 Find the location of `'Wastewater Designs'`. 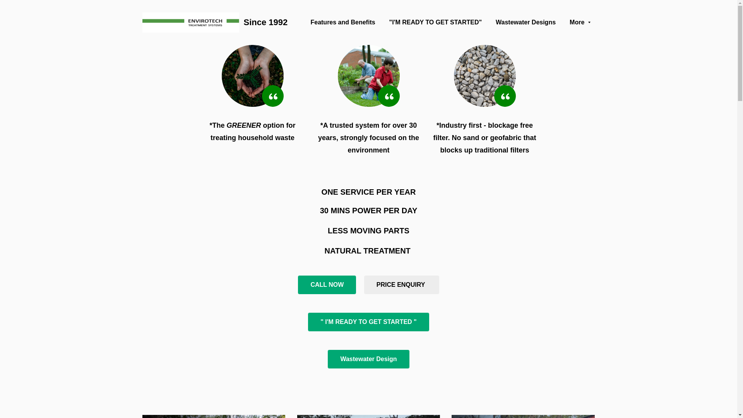

'Wastewater Designs' is located at coordinates (496, 22).